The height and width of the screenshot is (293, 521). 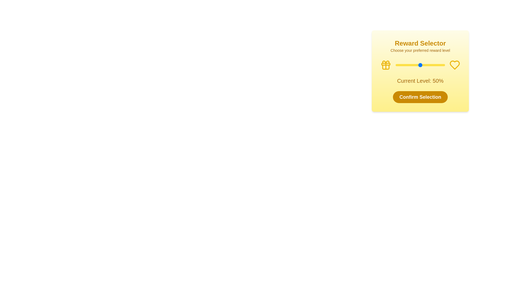 I want to click on the reward level, so click(x=440, y=65).